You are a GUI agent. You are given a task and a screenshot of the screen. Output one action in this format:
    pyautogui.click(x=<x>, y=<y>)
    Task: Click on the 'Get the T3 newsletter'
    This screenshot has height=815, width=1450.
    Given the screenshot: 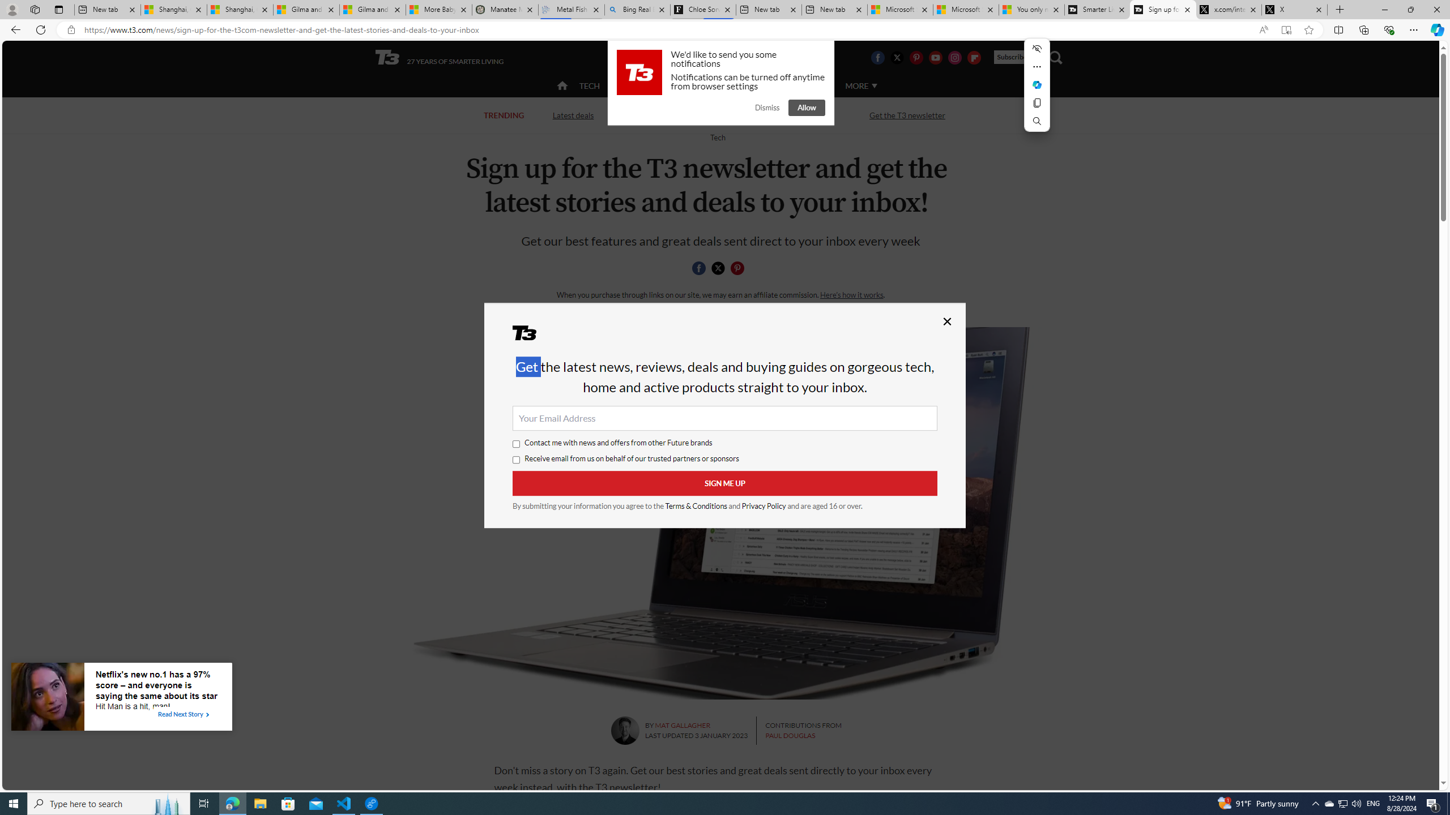 What is the action you would take?
    pyautogui.click(x=907, y=114)
    